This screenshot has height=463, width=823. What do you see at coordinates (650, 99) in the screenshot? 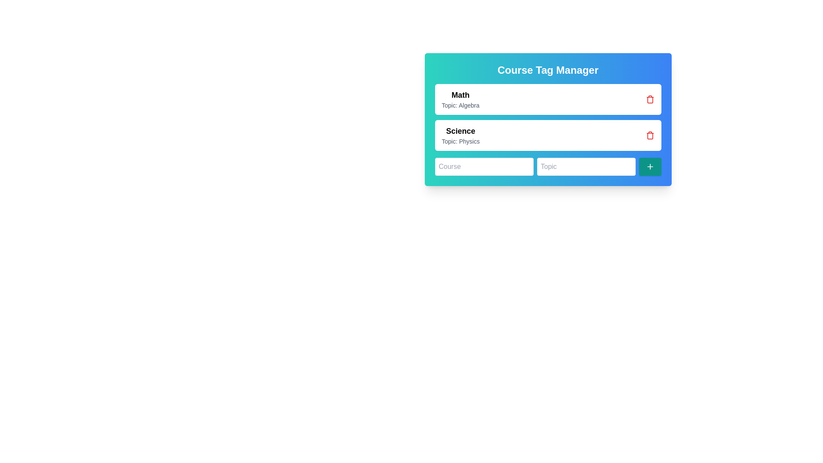
I see `the delete icon button located in the top-right corner of the 'Math Topic: Algebra' panel` at bounding box center [650, 99].